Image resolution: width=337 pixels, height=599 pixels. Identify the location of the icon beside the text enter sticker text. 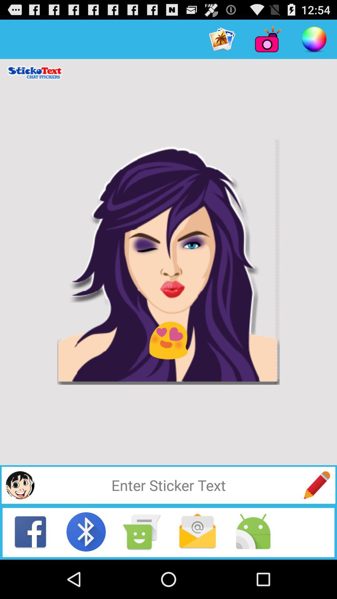
(317, 485).